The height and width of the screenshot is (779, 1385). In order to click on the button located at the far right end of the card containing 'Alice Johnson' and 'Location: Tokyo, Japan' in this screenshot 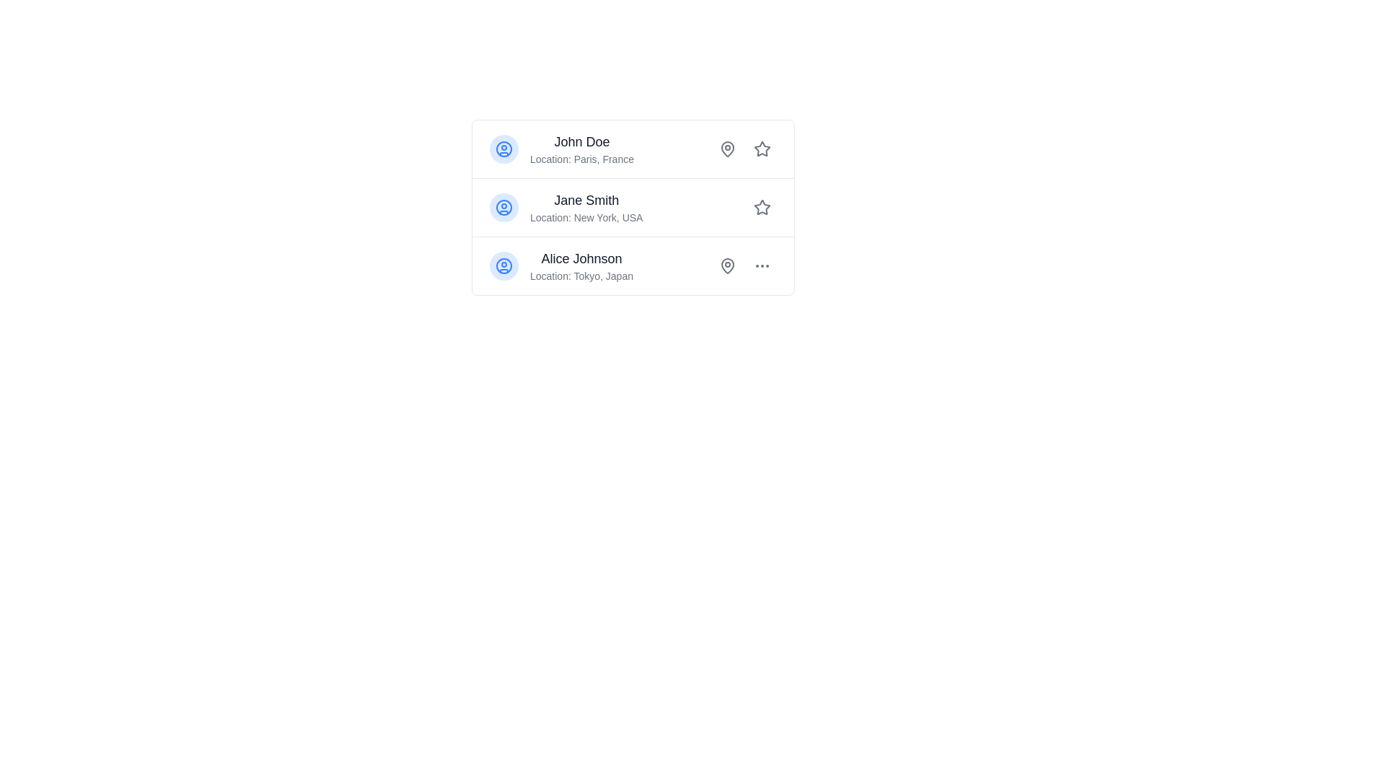, I will do `click(761, 266)`.